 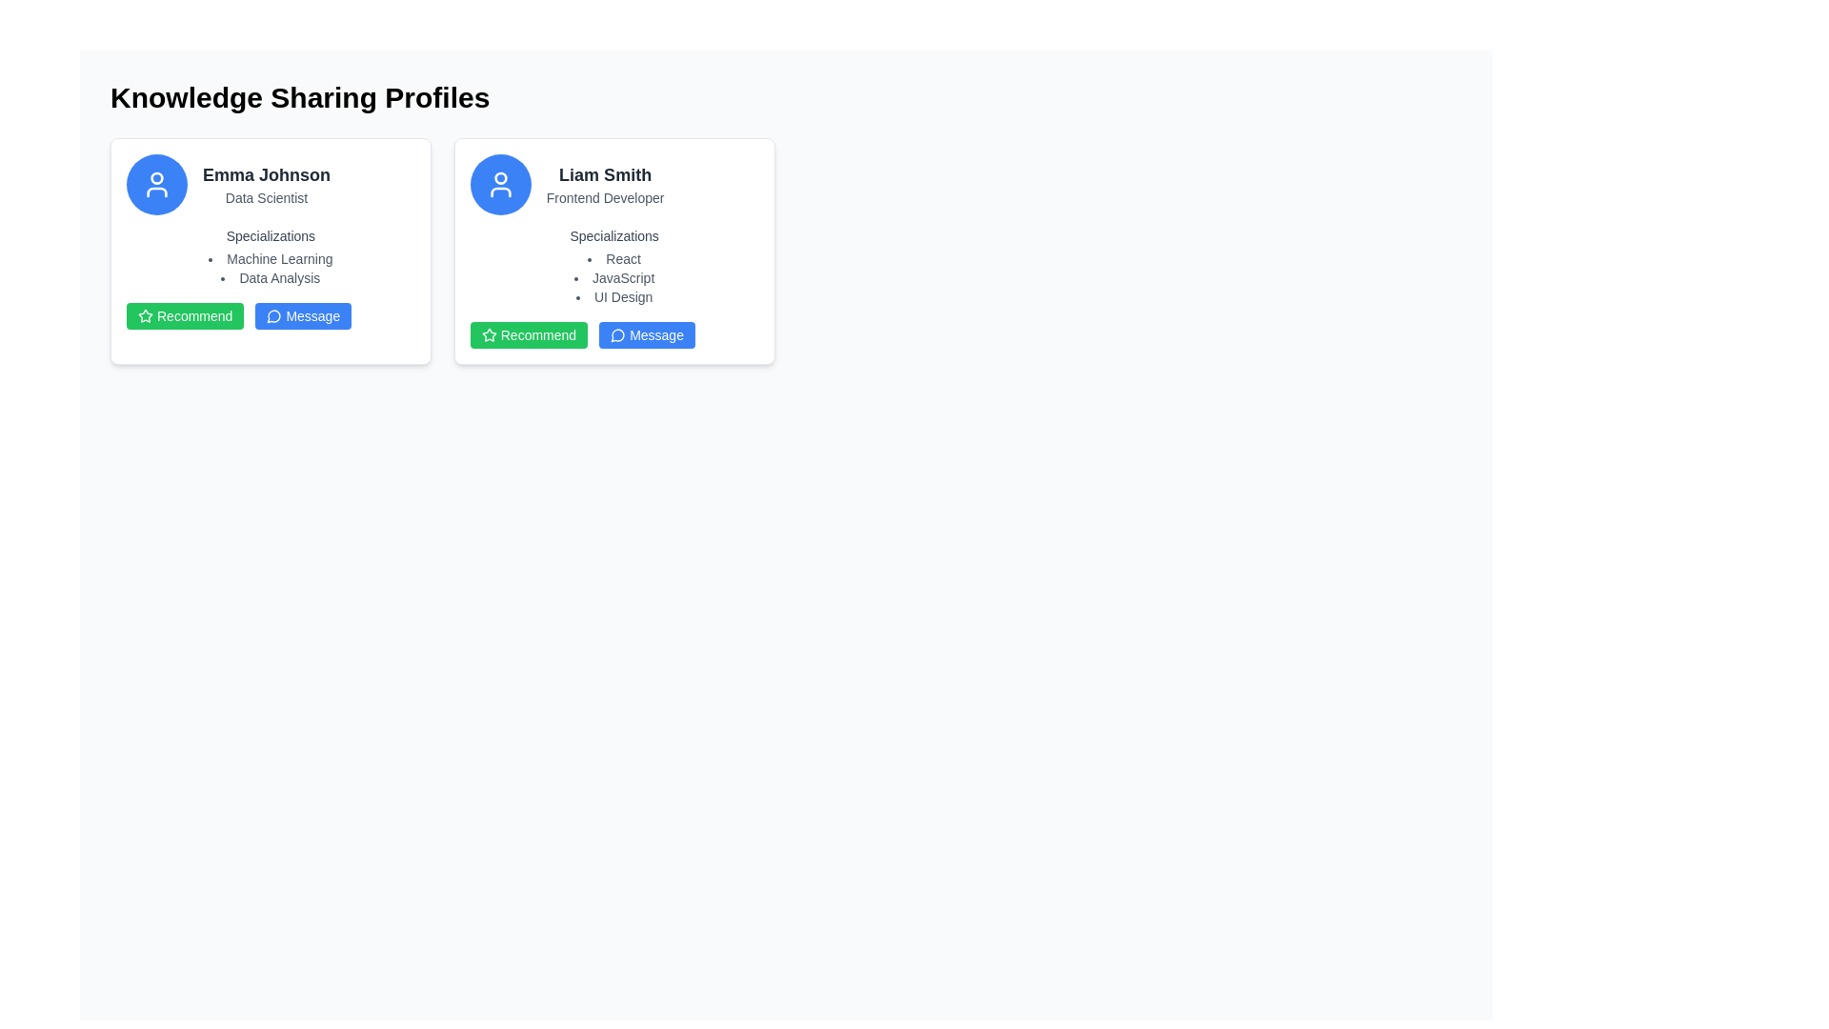 What do you see at coordinates (500, 178) in the screenshot?
I see `the small circular shape representing the head in the user avatar icon for 'Liam Smith' within the blue circular background` at bounding box center [500, 178].